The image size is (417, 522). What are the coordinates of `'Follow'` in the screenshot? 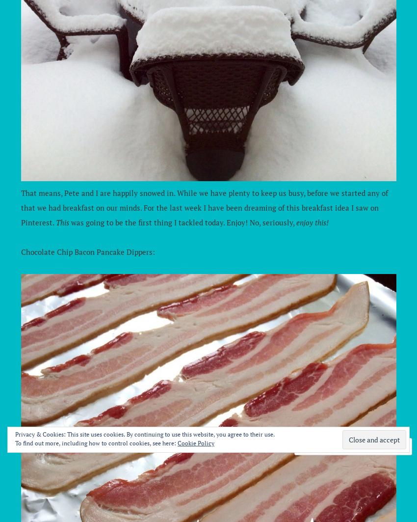 It's located at (376, 446).